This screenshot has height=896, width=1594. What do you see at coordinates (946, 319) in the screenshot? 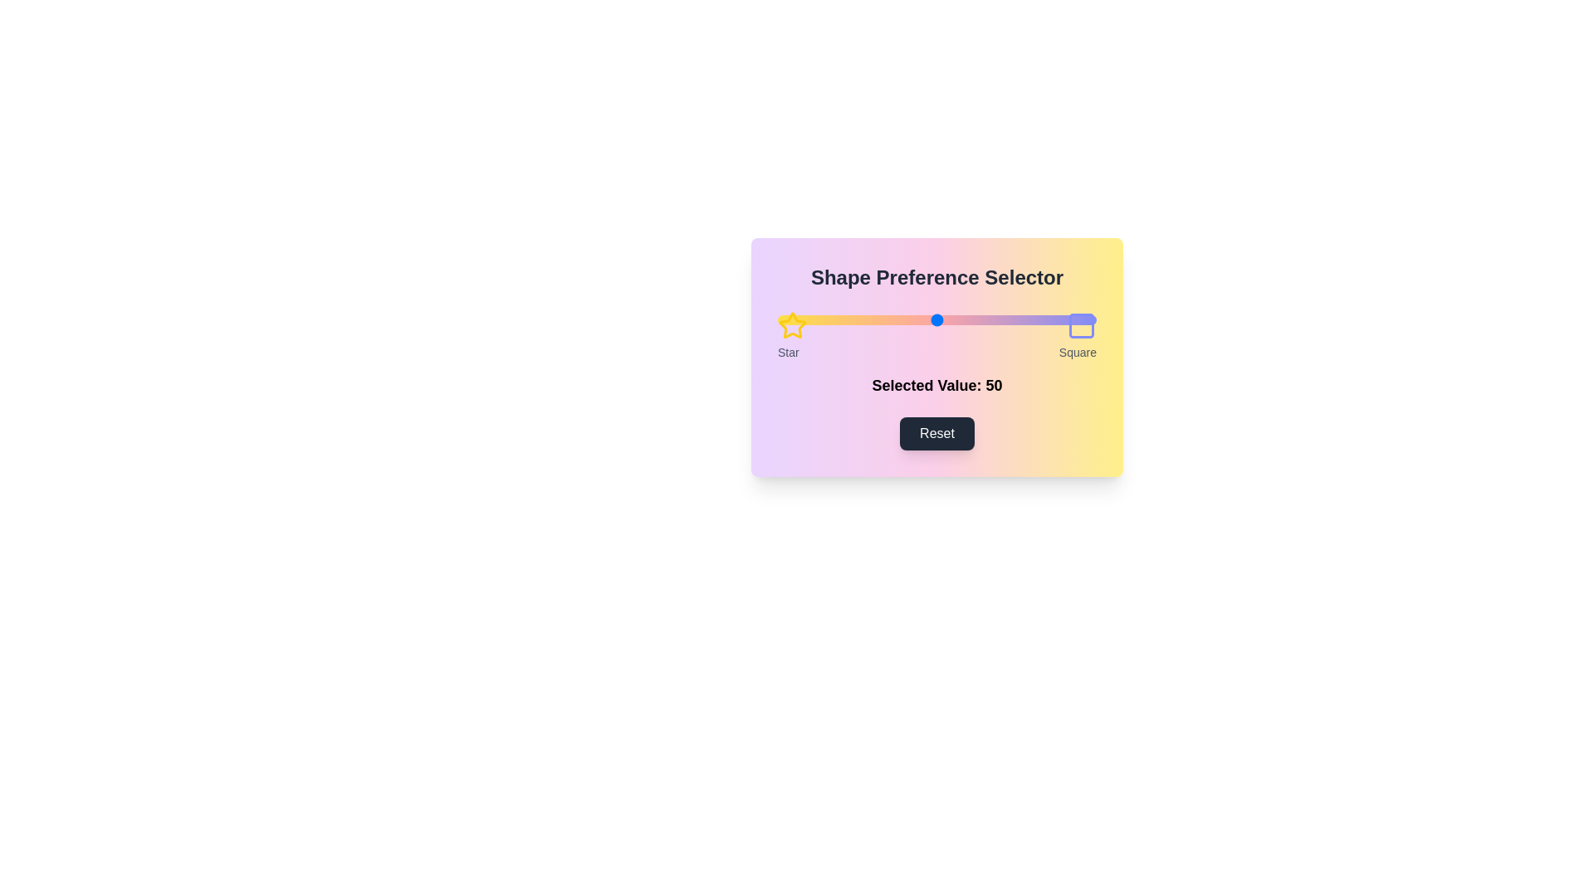
I see `the slider to set the preference value to 53` at bounding box center [946, 319].